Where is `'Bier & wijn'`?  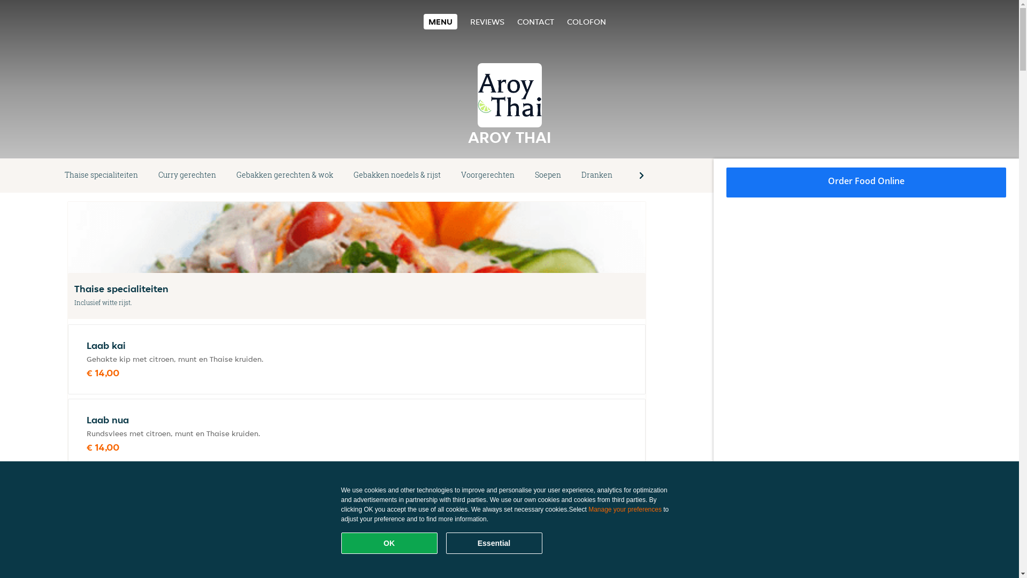
'Bier & wijn' is located at coordinates (651, 174).